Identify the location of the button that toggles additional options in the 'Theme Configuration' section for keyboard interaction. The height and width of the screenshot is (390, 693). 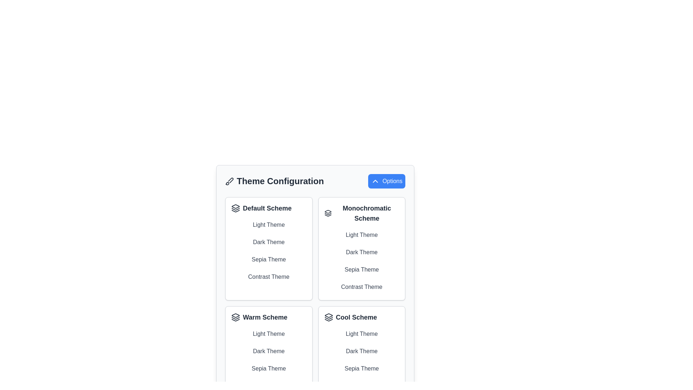
(386, 181).